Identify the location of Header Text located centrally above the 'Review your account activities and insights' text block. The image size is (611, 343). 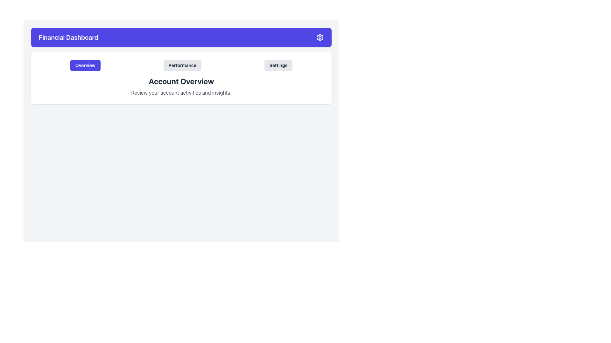
(181, 81).